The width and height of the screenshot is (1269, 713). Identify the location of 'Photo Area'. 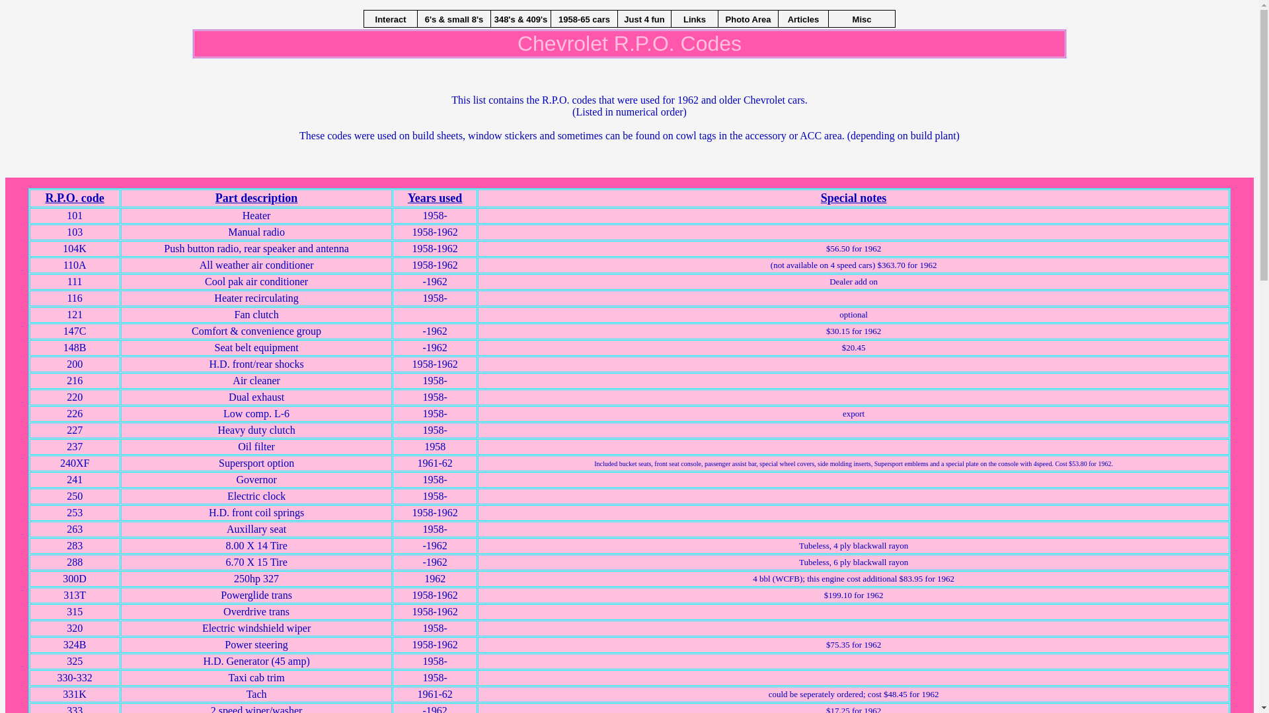
(717, 18).